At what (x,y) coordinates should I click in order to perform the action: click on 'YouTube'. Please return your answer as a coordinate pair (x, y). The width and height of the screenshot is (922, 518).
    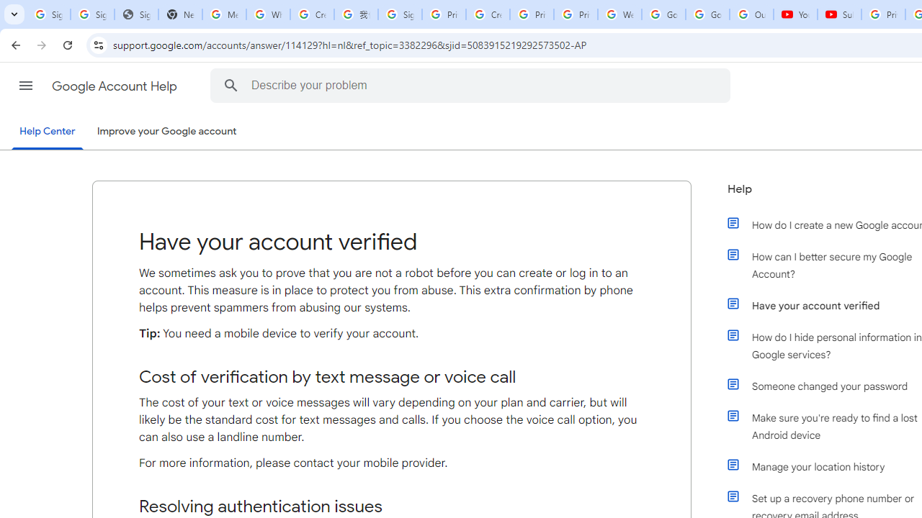
    Looking at the image, I should click on (795, 14).